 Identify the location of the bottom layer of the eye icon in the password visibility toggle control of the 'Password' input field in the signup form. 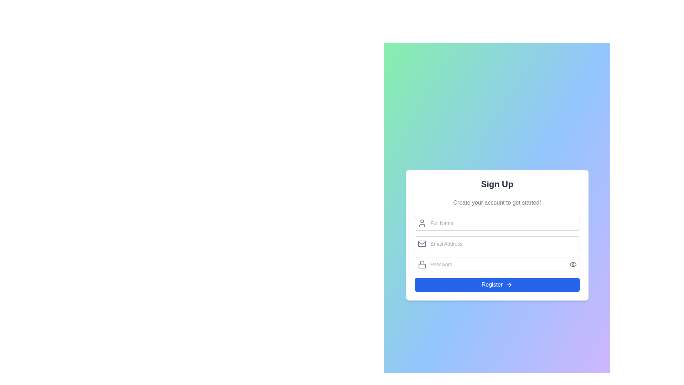
(573, 264).